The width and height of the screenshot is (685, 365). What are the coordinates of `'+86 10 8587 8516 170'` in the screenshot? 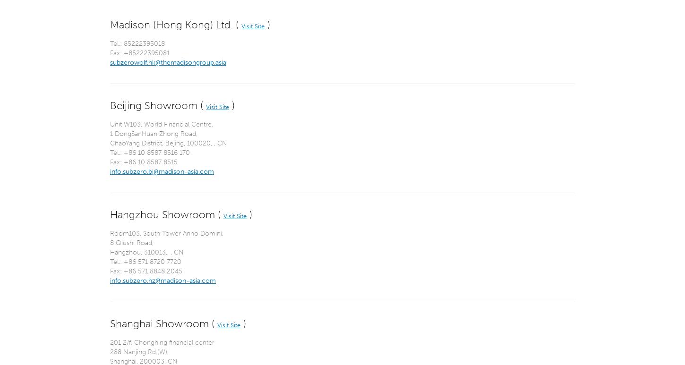 It's located at (157, 152).